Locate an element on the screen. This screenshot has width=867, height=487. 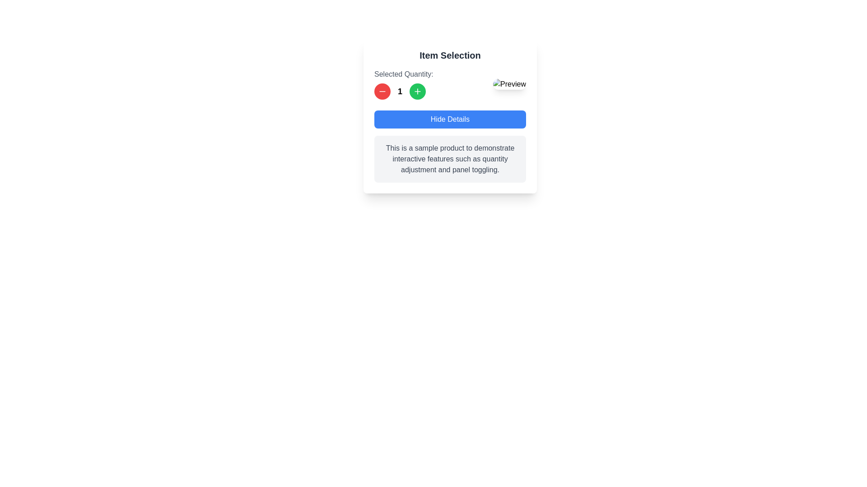
the green circular button with a plus symbol (+) to increase the quantity is located at coordinates (417, 92).